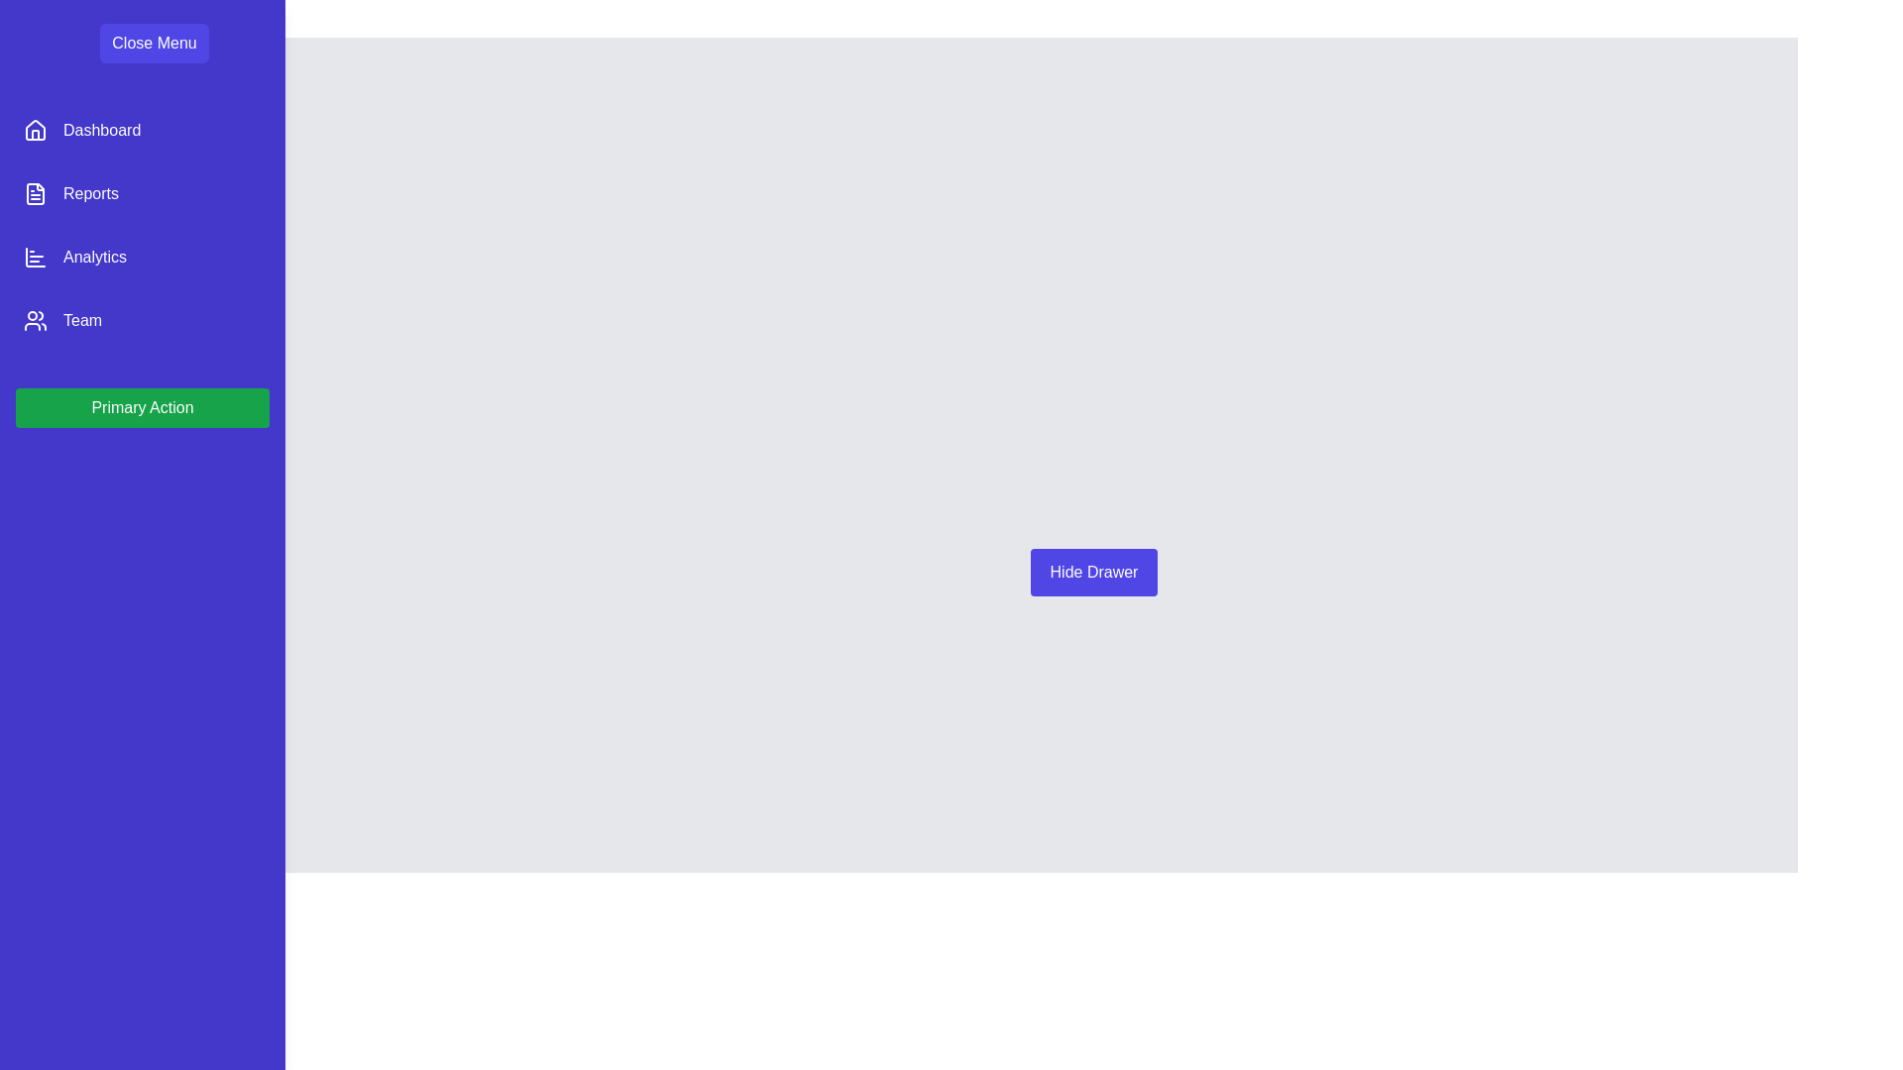  I want to click on the menu item Analytics in the sidebar, so click(142, 256).